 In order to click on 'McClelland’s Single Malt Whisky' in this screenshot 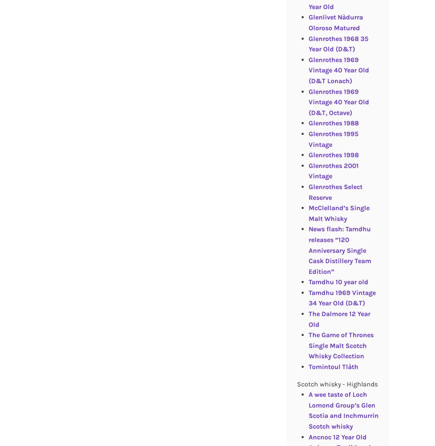, I will do `click(308, 213)`.